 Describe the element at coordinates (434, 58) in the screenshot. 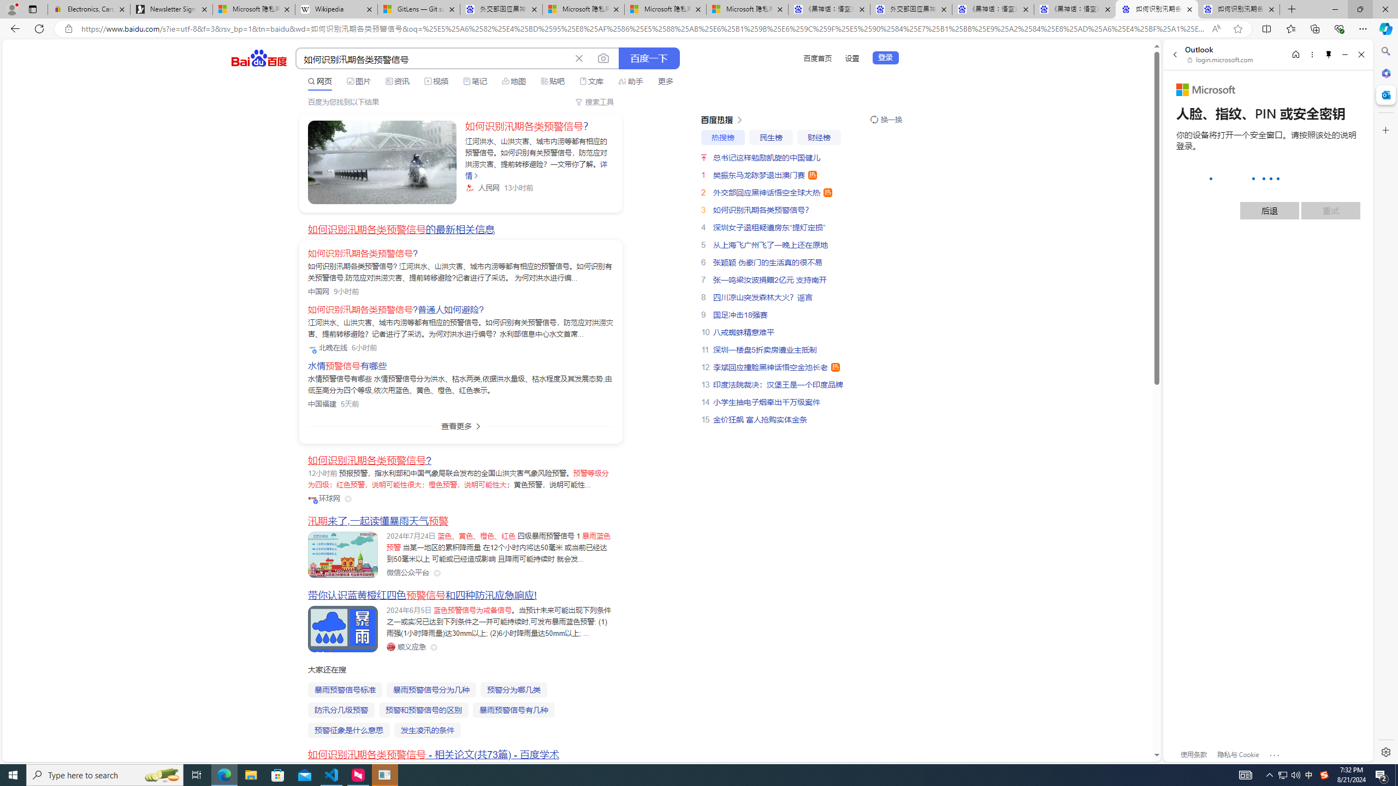

I see `'AutomationID: kw'` at that location.